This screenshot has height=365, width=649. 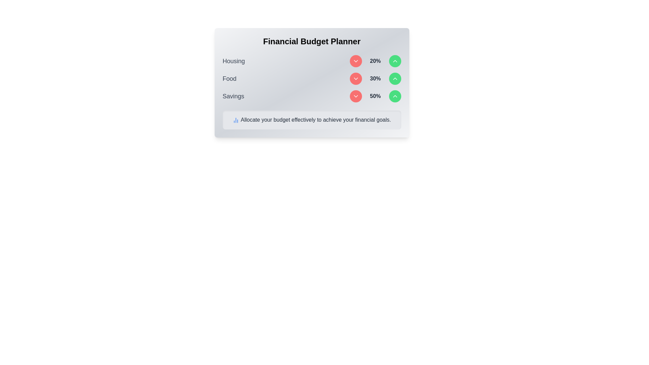 What do you see at coordinates (375, 96) in the screenshot?
I see `the label that displays the current percentage allocation for savings in the budget planner interface, located in the third row under the 'Savings' header, centered between a red circular button on the left and a green circular button on the right` at bounding box center [375, 96].